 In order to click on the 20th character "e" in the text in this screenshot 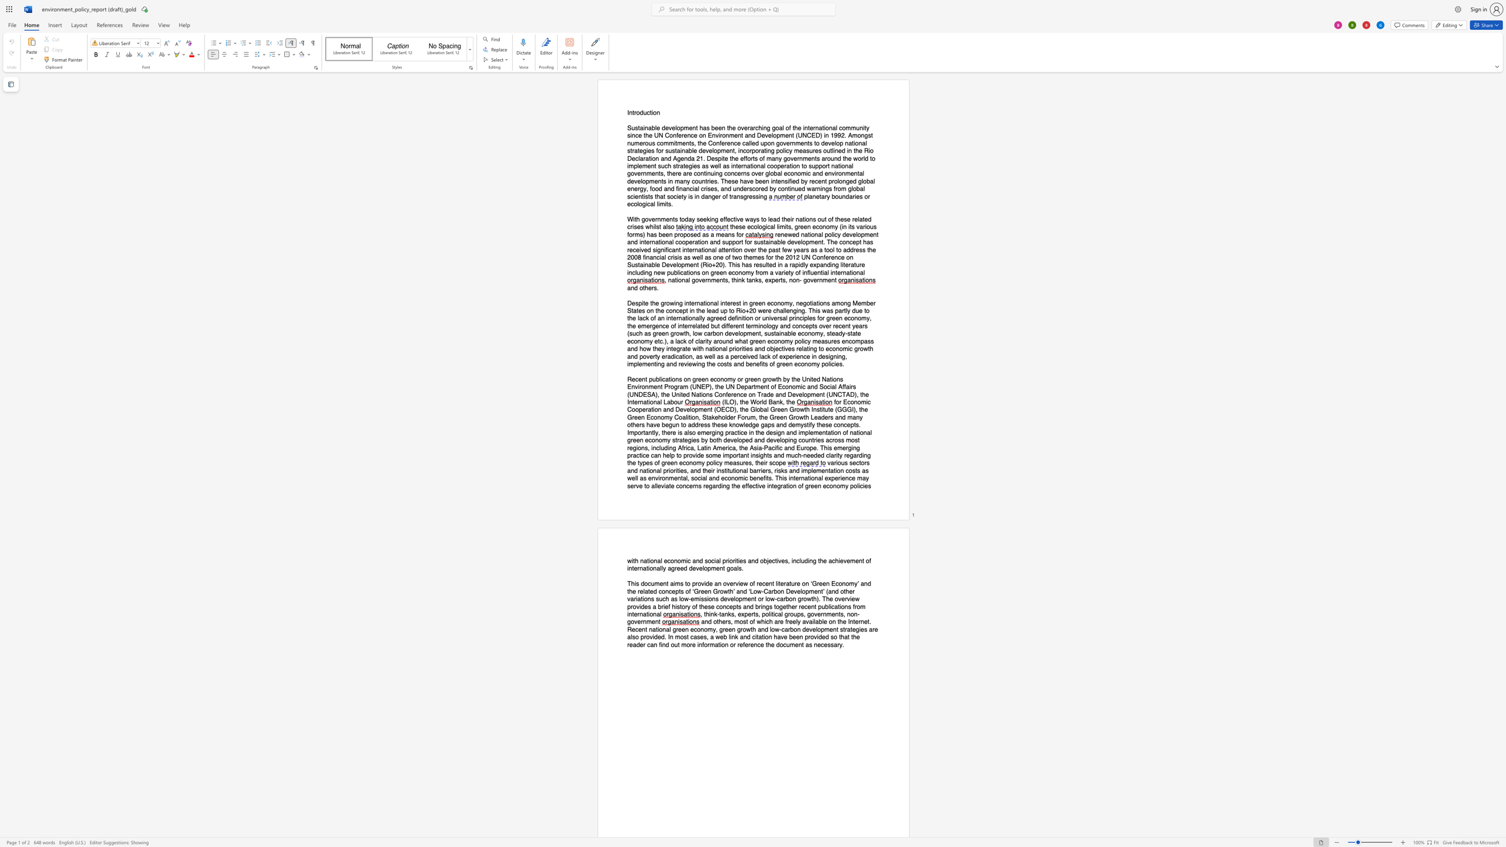, I will do `click(793, 394)`.